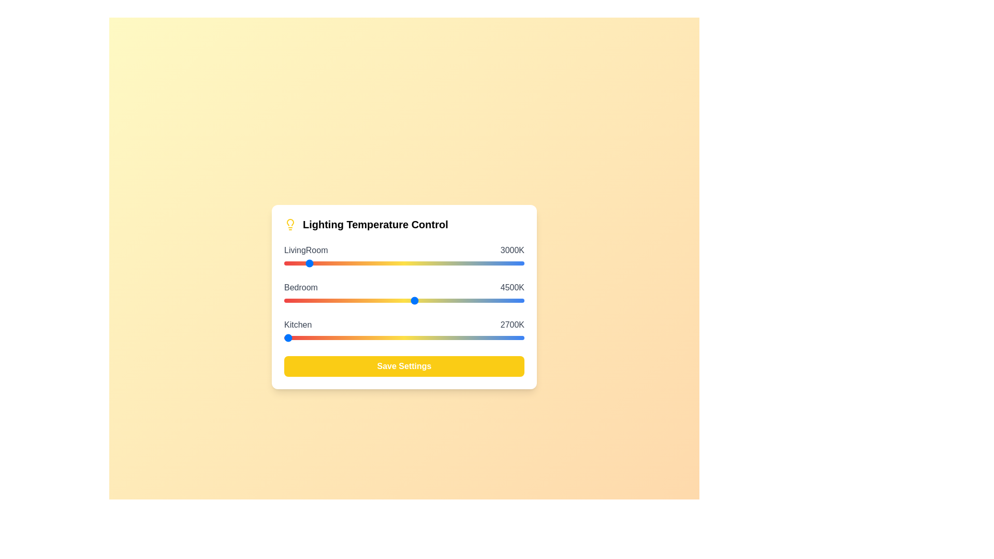 Image resolution: width=994 pixels, height=559 pixels. Describe the element at coordinates (404, 366) in the screenshot. I see `the 'Save Settings' button to save the current lighting settings` at that location.